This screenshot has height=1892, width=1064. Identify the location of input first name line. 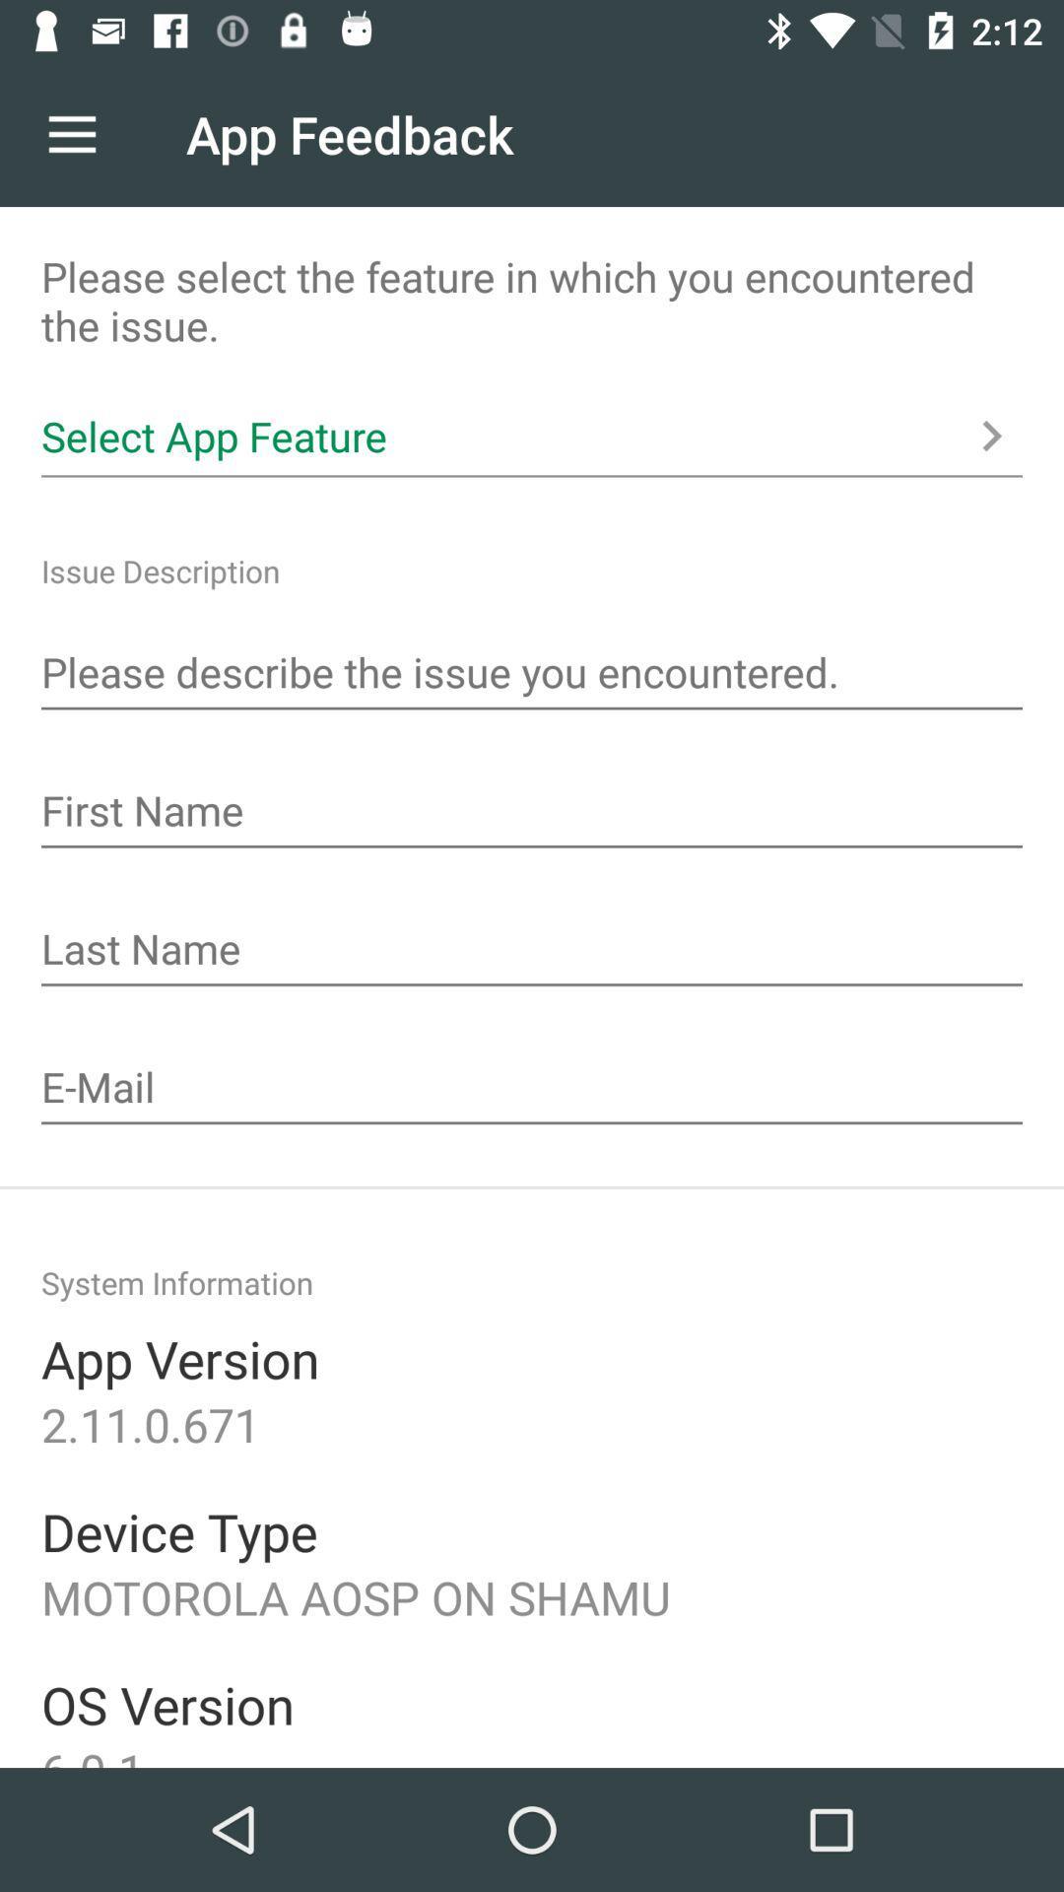
(532, 813).